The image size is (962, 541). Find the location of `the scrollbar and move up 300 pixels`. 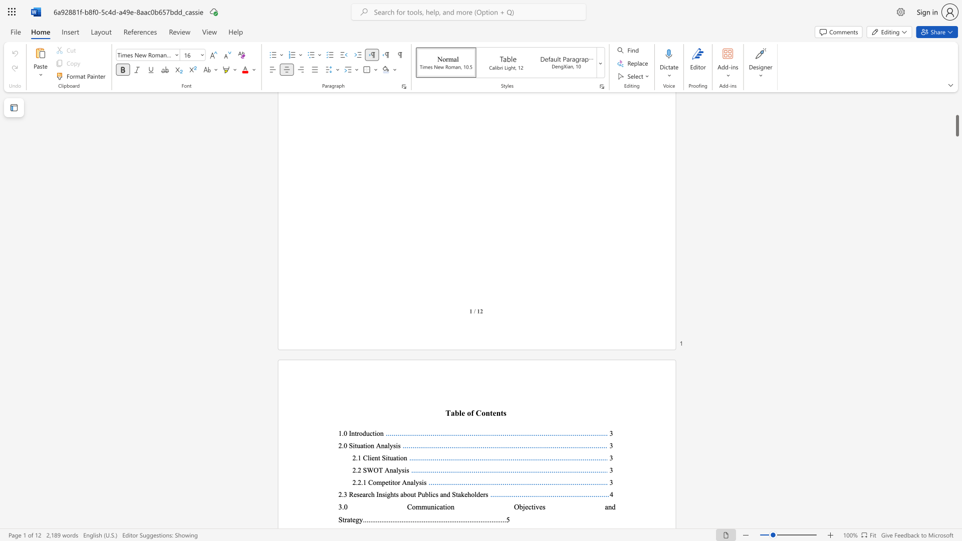

the scrollbar and move up 300 pixels is located at coordinates (956, 125).